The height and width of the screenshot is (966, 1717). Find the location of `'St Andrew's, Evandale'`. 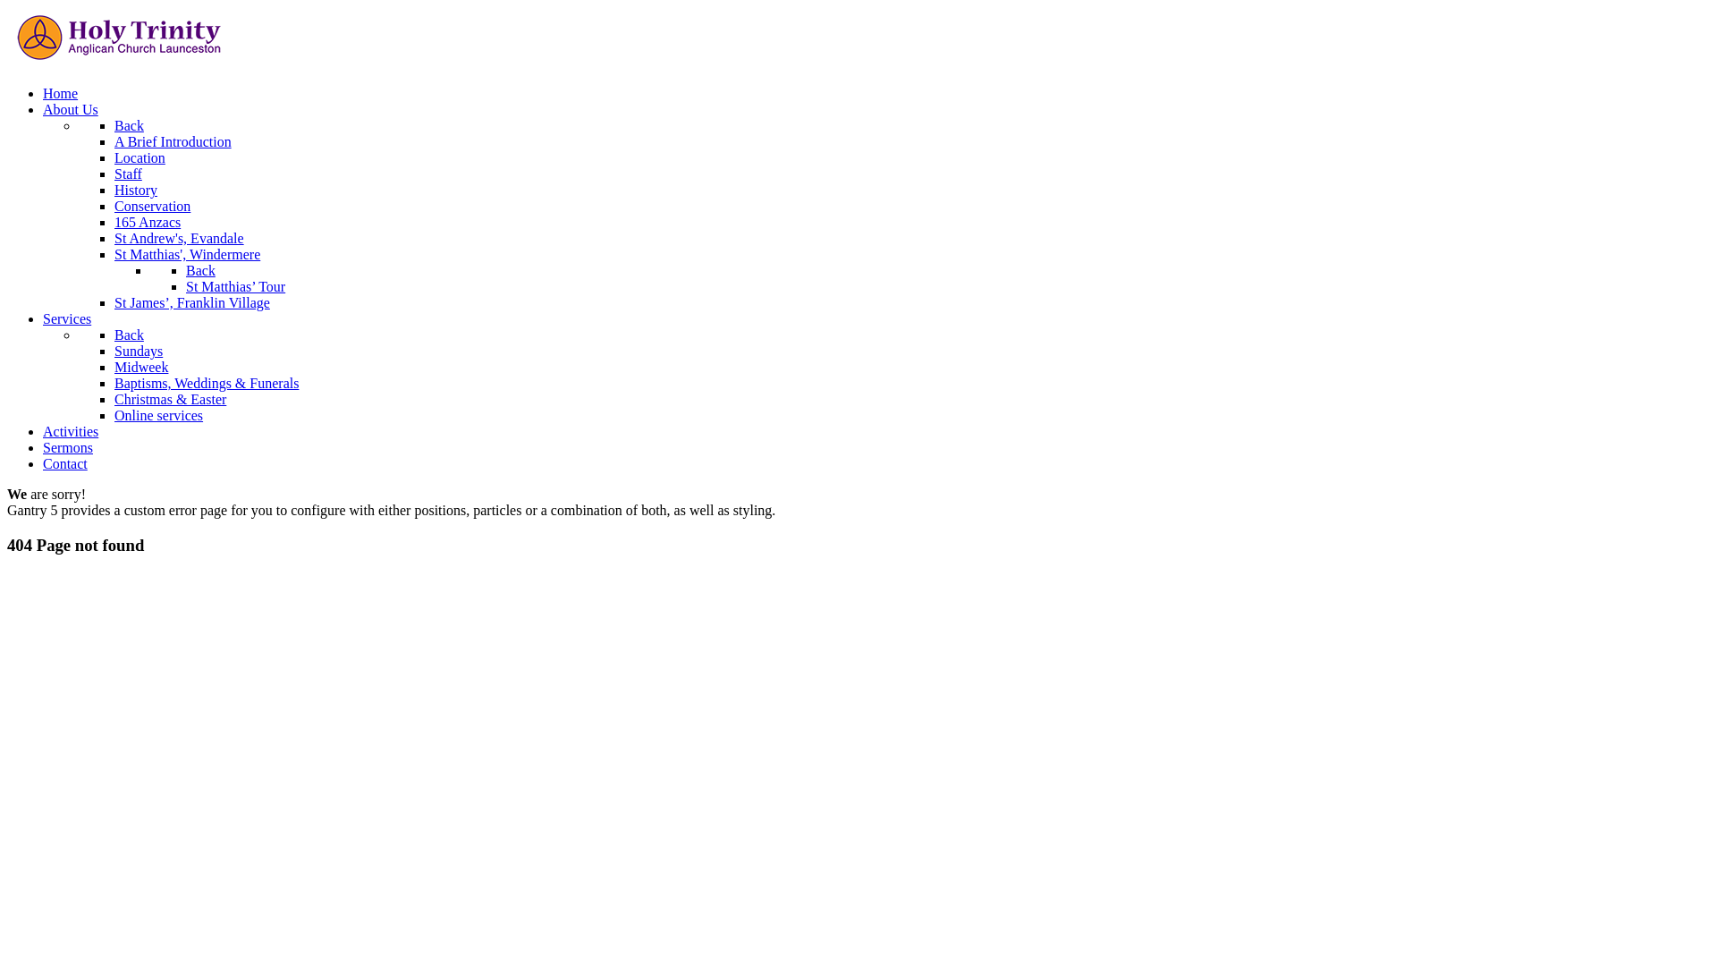

'St Andrew's, Evandale' is located at coordinates (179, 237).